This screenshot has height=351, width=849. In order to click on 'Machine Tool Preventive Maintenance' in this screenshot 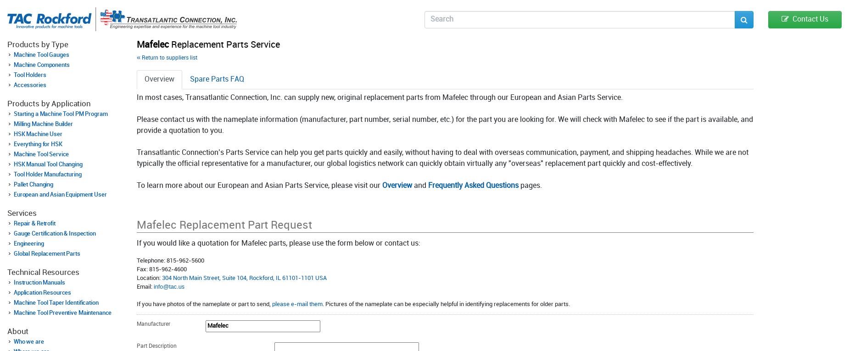, I will do `click(62, 312)`.